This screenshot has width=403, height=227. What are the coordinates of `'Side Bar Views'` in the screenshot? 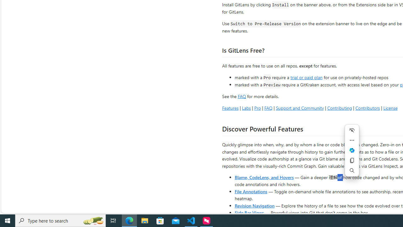 It's located at (249, 212).